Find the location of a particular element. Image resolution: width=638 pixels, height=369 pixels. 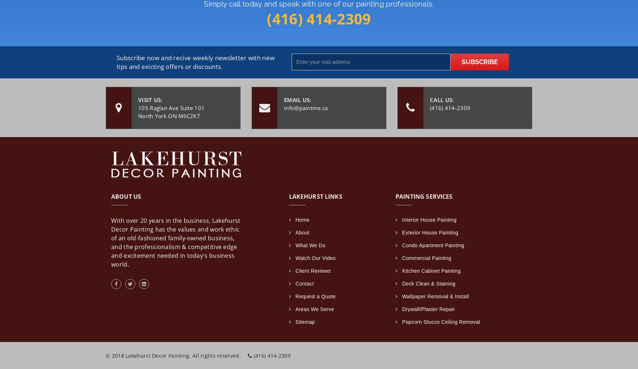

'With over 20 years in the business, Lakehurst Decor Painting has the values and work ethic of an old-fashioned family-owned business, and the professionalism & competitive edge and excitement needed in today's business world.' is located at coordinates (175, 242).